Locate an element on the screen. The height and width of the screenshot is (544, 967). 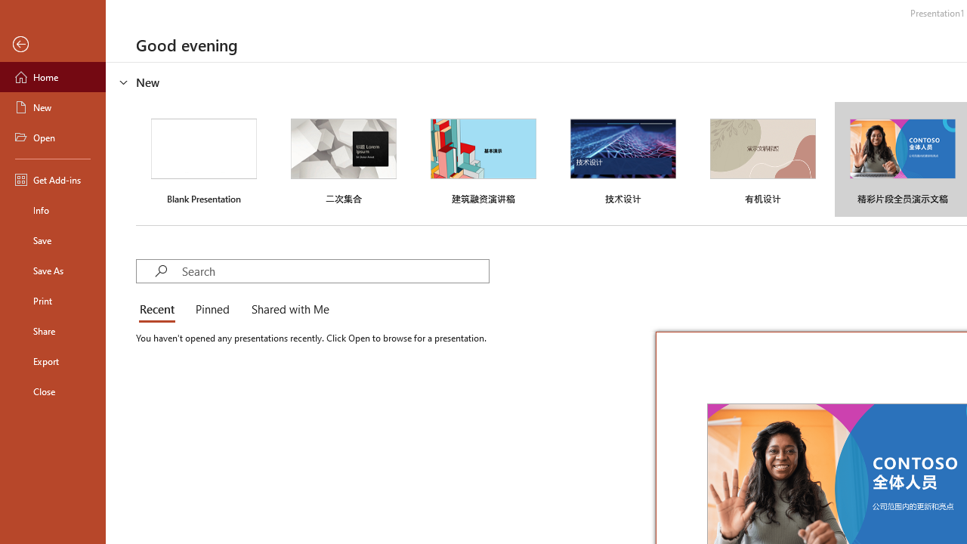
'New' is located at coordinates (52, 106).